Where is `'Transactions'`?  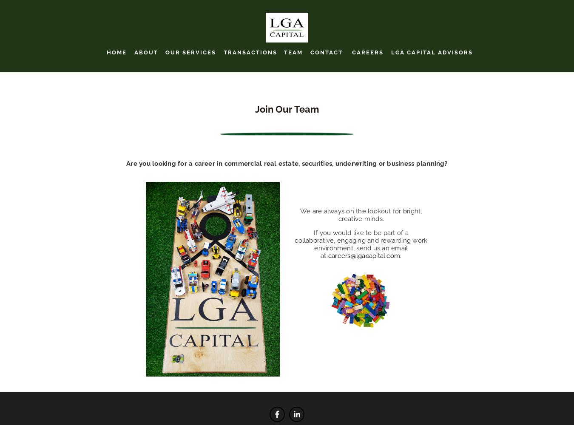 'Transactions' is located at coordinates (250, 51).